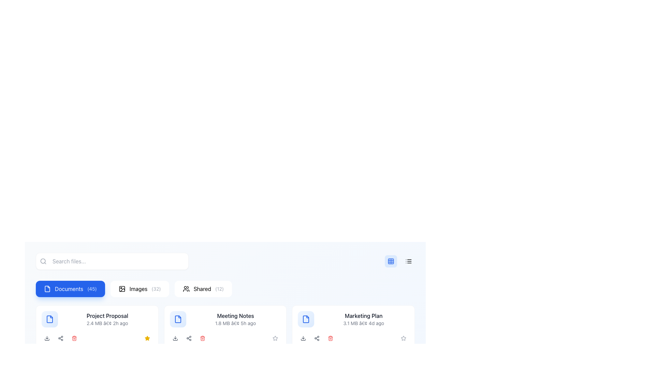 This screenshot has width=655, height=368. I want to click on the gray share icon, which is the second icon from the left in a row of three icons below the document card, so click(60, 338).